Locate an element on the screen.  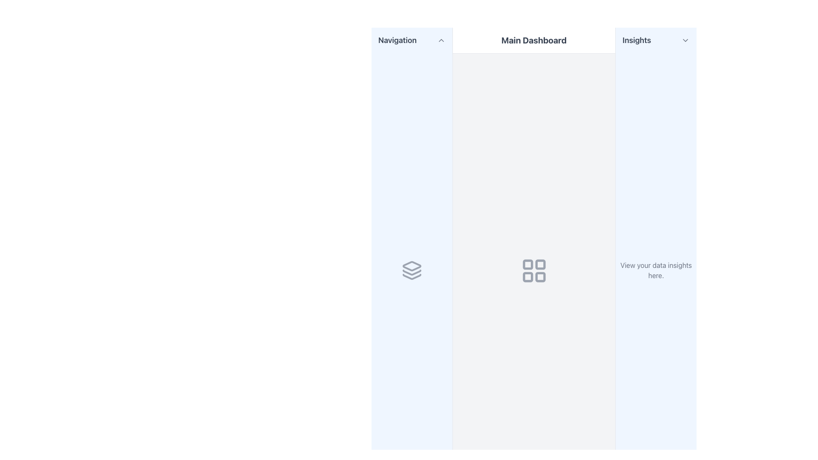
the 'Main Dashboard' text label located at the top center of the interface is located at coordinates (533, 40).